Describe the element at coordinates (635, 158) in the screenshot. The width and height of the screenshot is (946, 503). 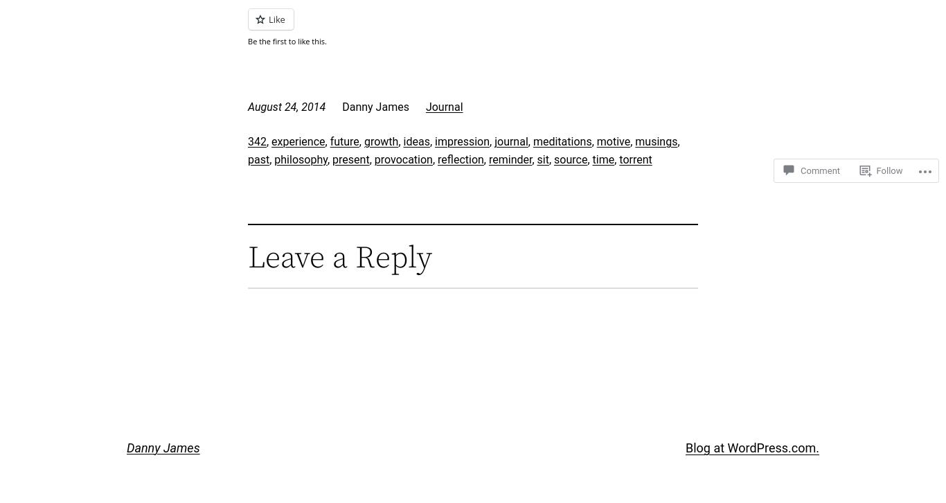
I see `'torrent'` at that location.